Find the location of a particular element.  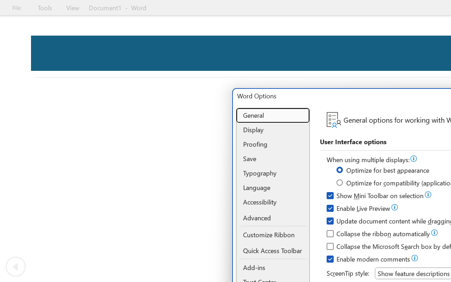

'Proofing' is located at coordinates (272, 144).